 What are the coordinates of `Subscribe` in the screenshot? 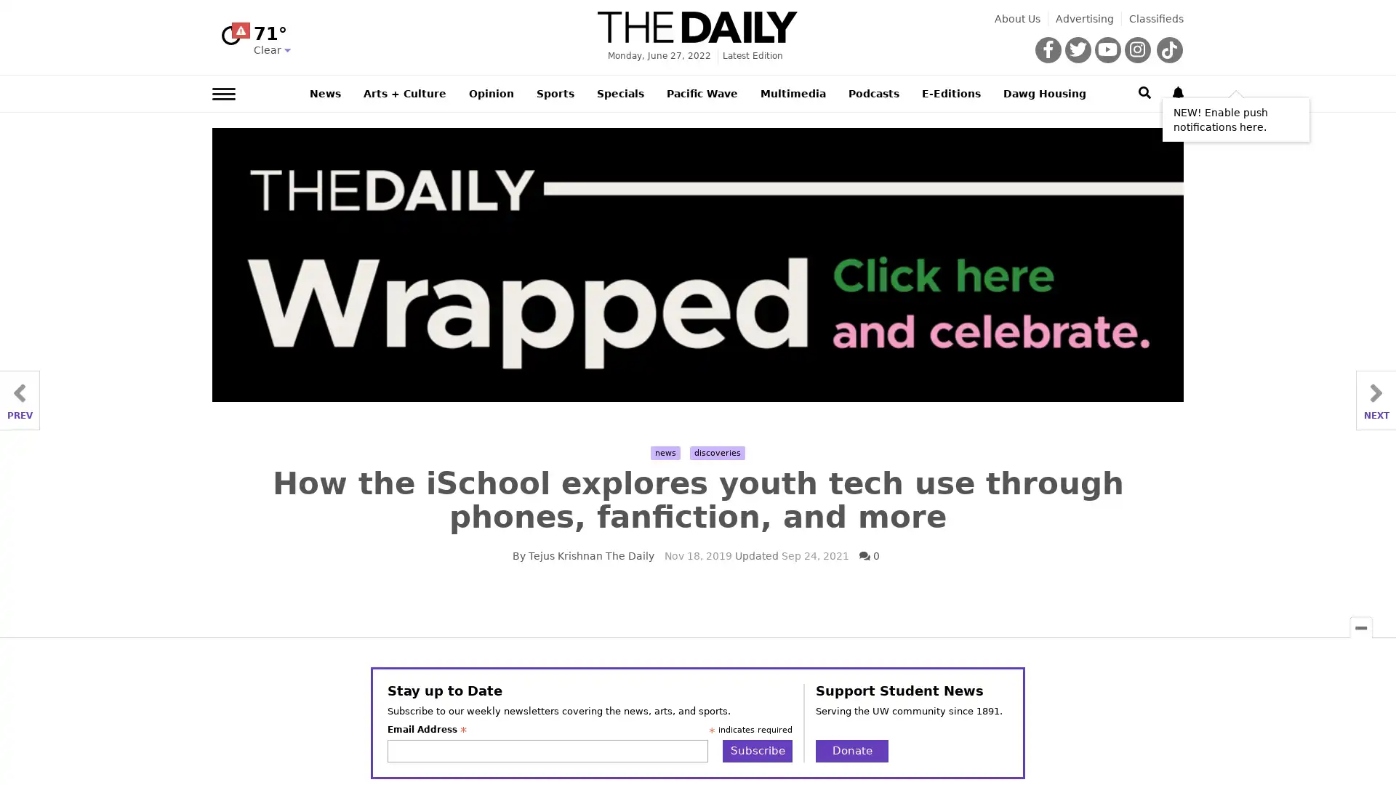 It's located at (756, 751).